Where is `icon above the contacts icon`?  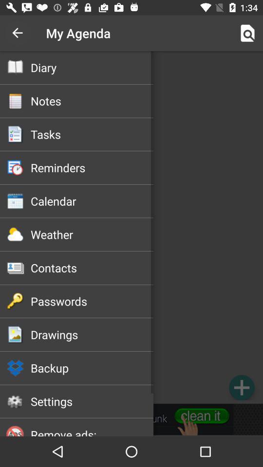
icon above the contacts icon is located at coordinates (92, 234).